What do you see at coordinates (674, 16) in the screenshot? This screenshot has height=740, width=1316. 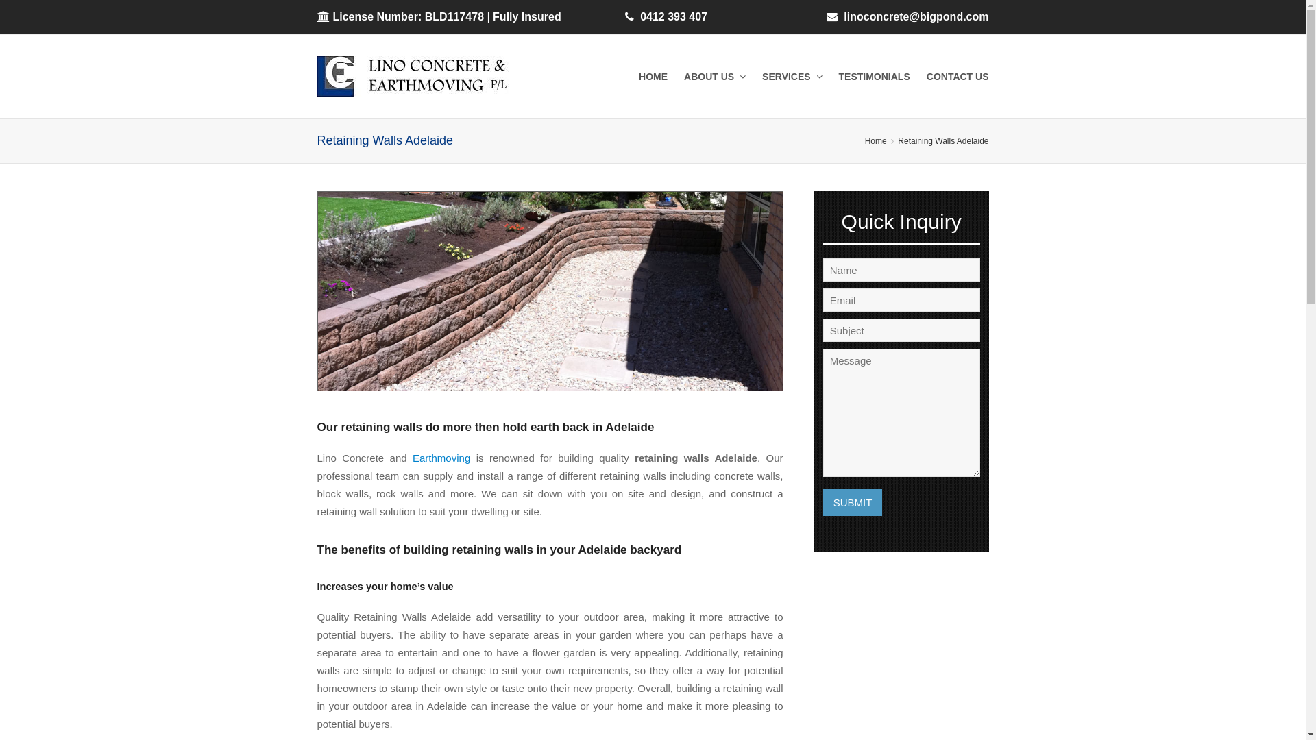 I see `'0412 393 407'` at bounding box center [674, 16].